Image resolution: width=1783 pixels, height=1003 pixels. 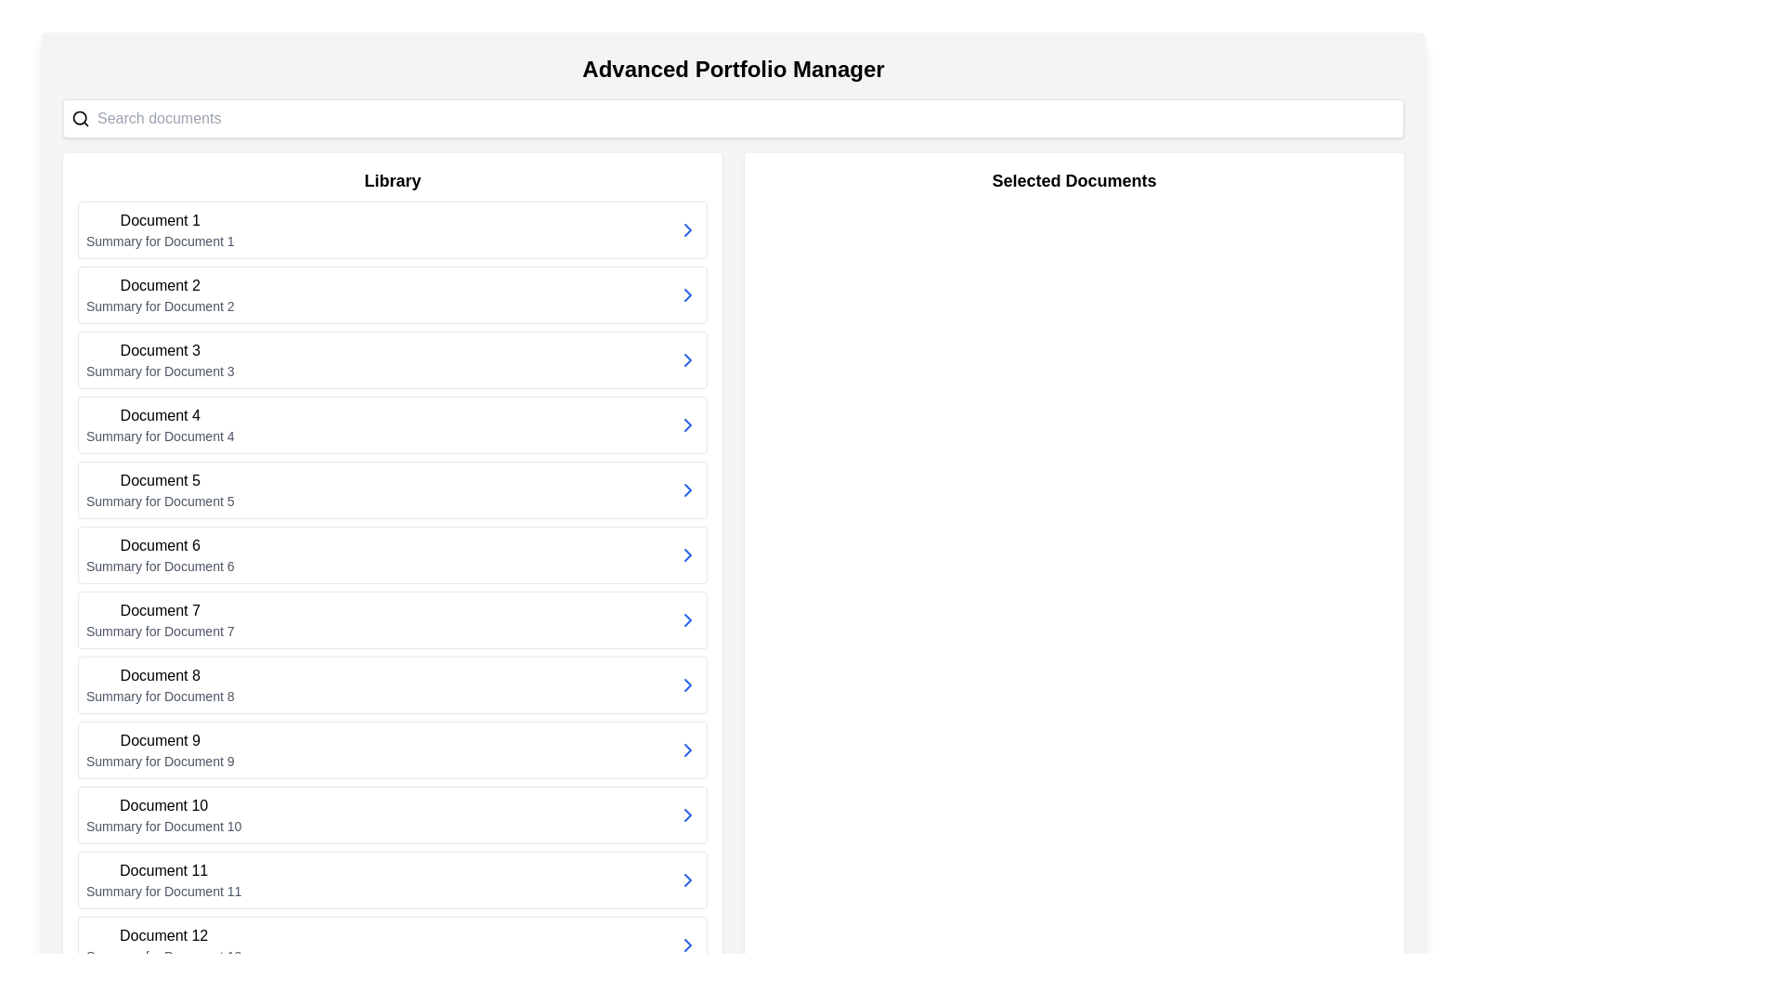 I want to click on the List entry for 'Document 10', so click(x=391, y=814).